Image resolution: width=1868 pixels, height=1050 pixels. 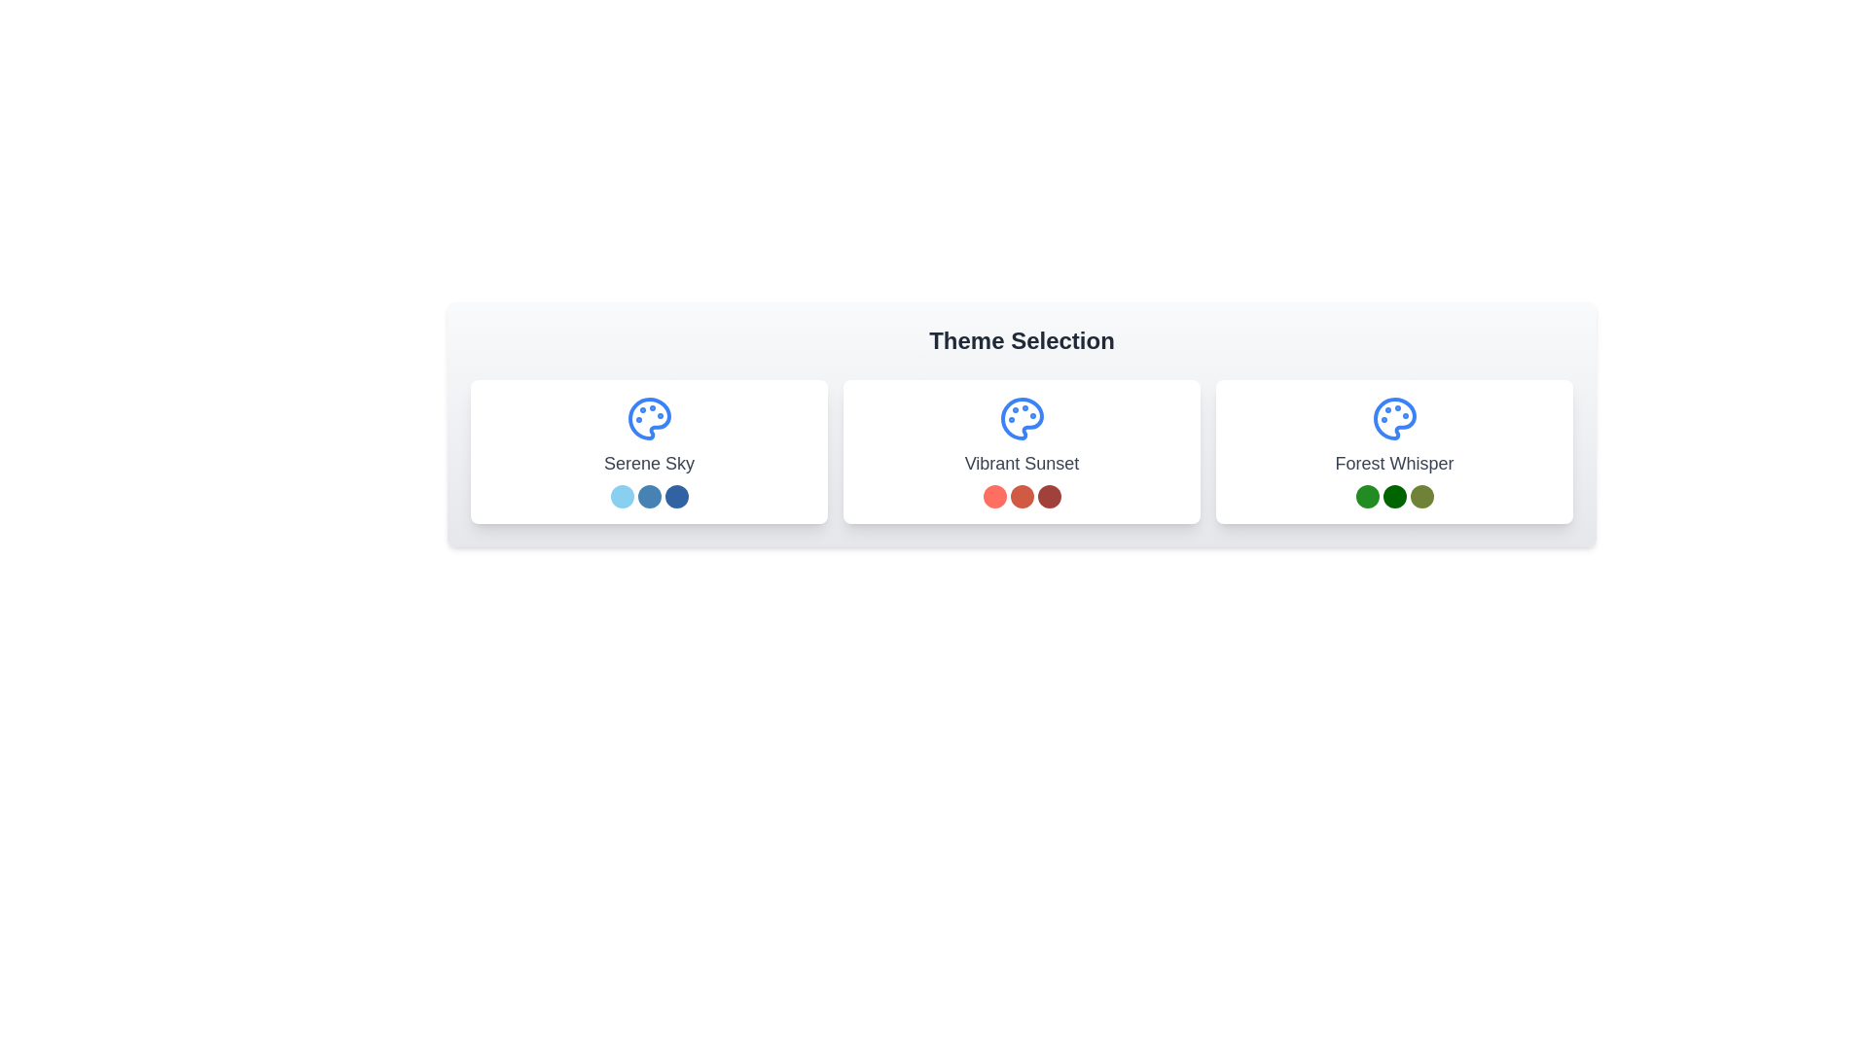 I want to click on the text label element that reads 'Forest Whisper', which is located in the bottom section of the rightmost rectangular card under the 'Theme Selection' heading, so click(x=1393, y=464).